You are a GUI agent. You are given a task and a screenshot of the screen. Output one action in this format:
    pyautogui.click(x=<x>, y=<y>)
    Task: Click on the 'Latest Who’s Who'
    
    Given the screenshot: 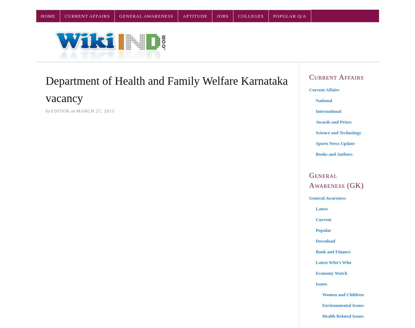 What is the action you would take?
    pyautogui.click(x=333, y=262)
    